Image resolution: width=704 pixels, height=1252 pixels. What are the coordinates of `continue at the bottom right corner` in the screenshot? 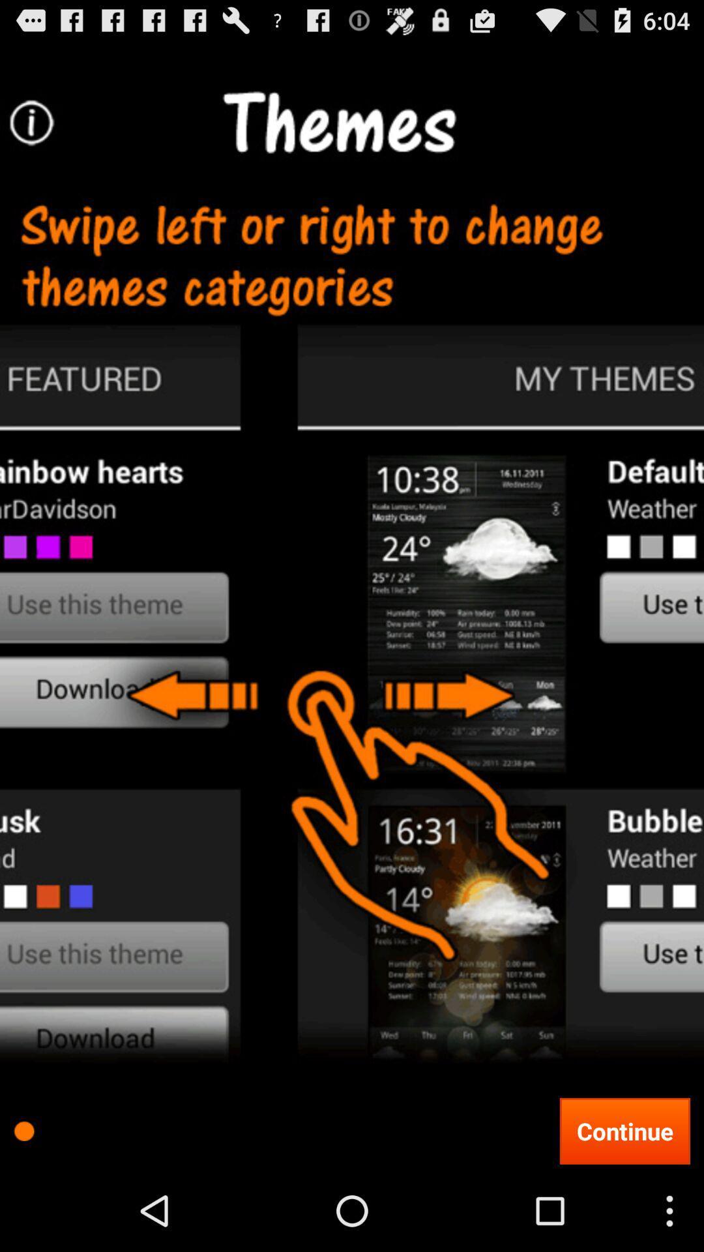 It's located at (624, 1130).